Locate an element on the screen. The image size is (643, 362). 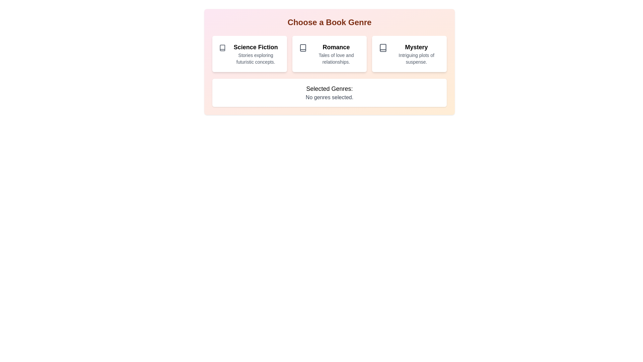
the static text that states 'Tales of love and relationships.' located beneath the title 'Romance' in the center column is located at coordinates (336, 58).